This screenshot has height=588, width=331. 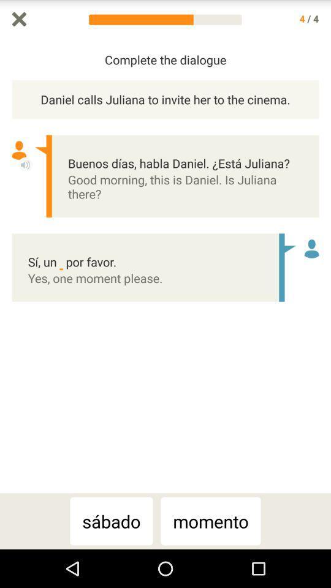 I want to click on scroll up or down, so click(x=325, y=266).